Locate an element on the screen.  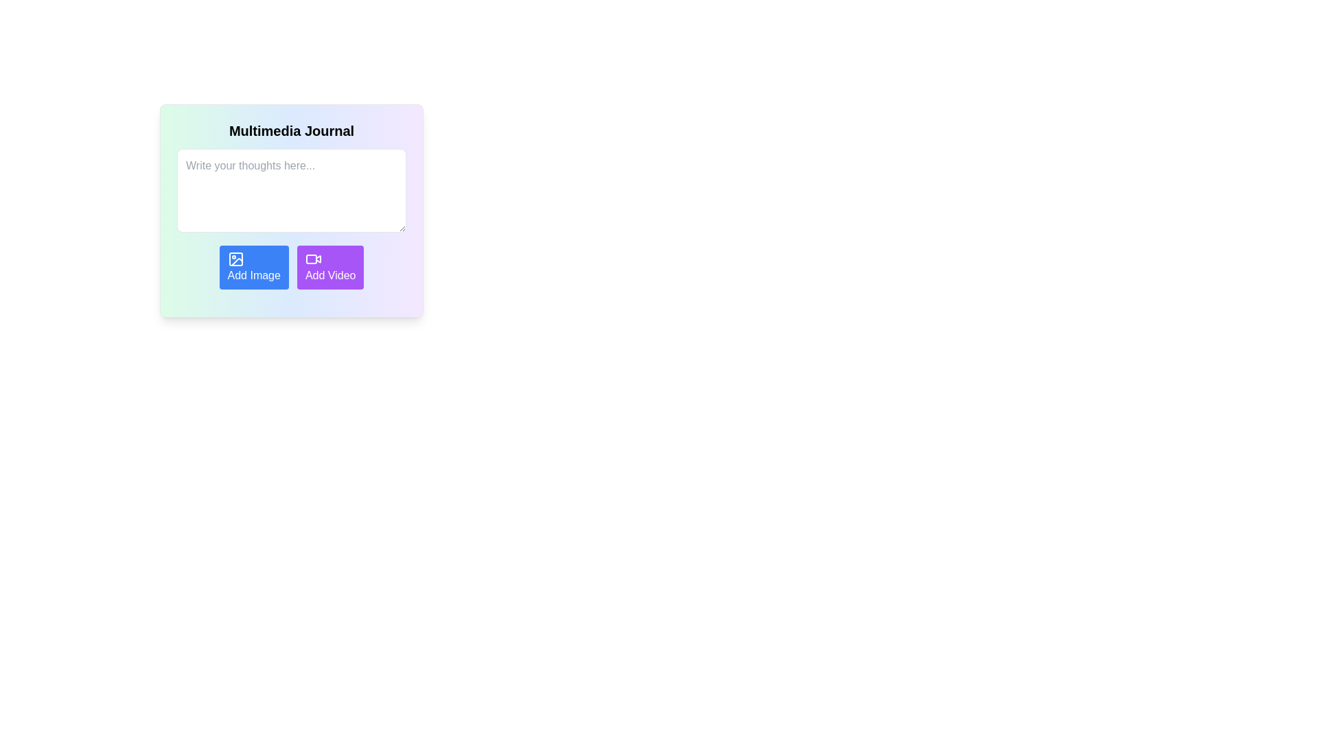
the video-related icon within the purple 'Add Video' button located at the bottom-right of the 'Multimedia Journal' dialog box is located at coordinates (310, 259).